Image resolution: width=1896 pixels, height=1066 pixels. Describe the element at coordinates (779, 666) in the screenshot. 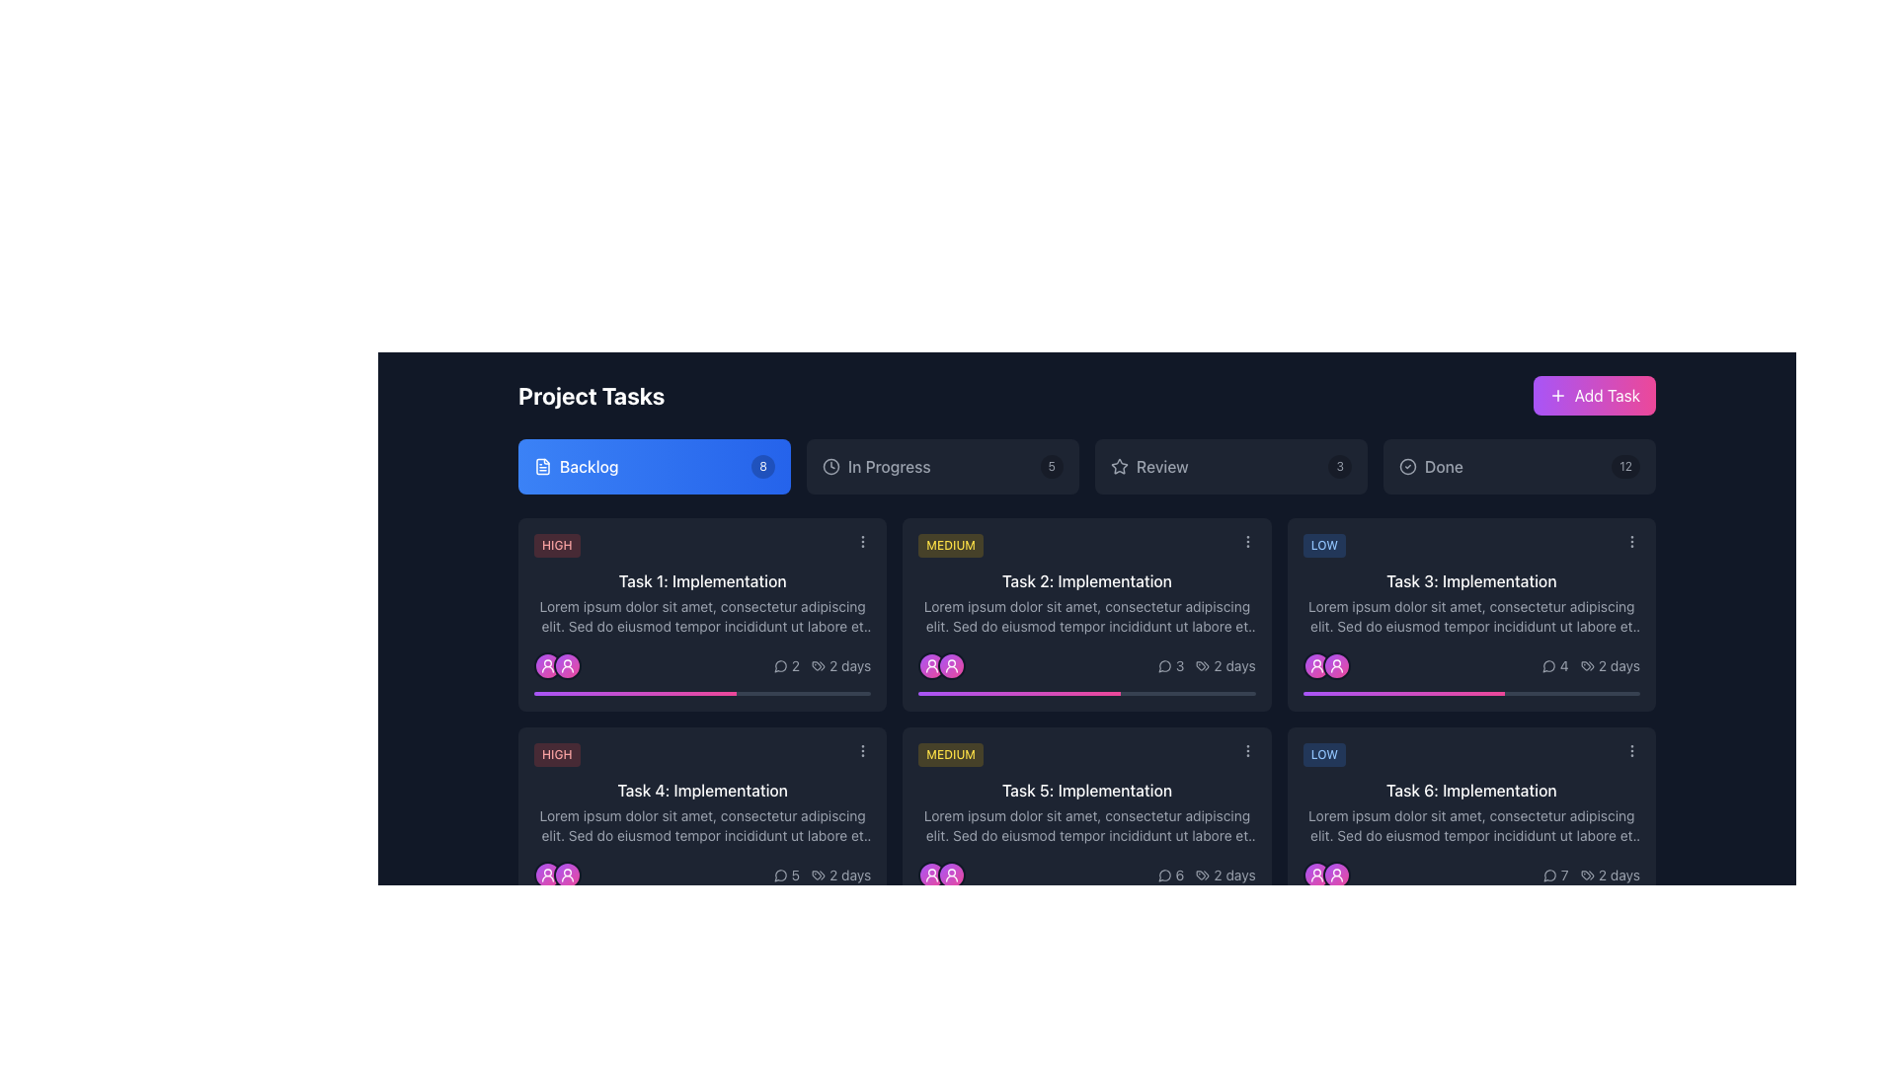

I see `the chat bubble icon located in the 'Backlog' tab, which visually represents messaging or commenting functionality` at that location.